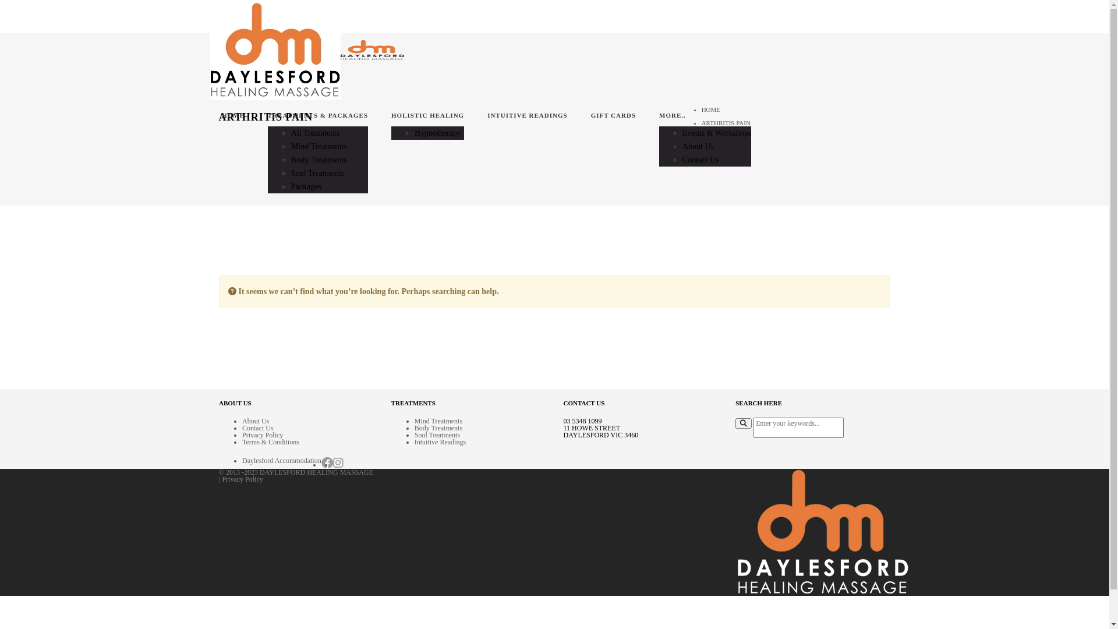  Describe the element at coordinates (590, 116) in the screenshot. I see `'GIFT CARDS'` at that location.